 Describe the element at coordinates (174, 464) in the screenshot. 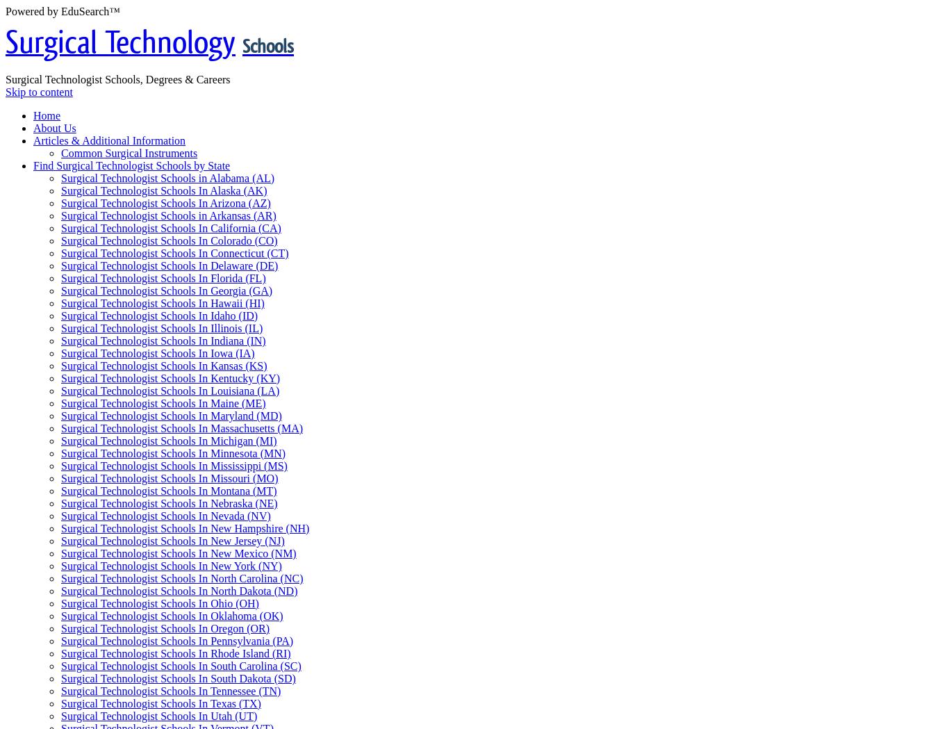

I see `'Surgical Technologist Schools In Mississippi (MS)'` at that location.